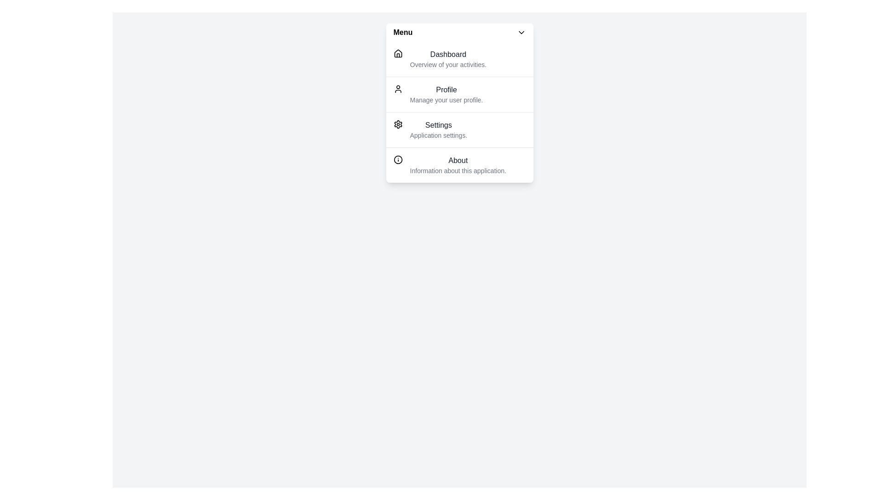  Describe the element at coordinates (459, 59) in the screenshot. I see `the menu item labeled Dashboard` at that location.